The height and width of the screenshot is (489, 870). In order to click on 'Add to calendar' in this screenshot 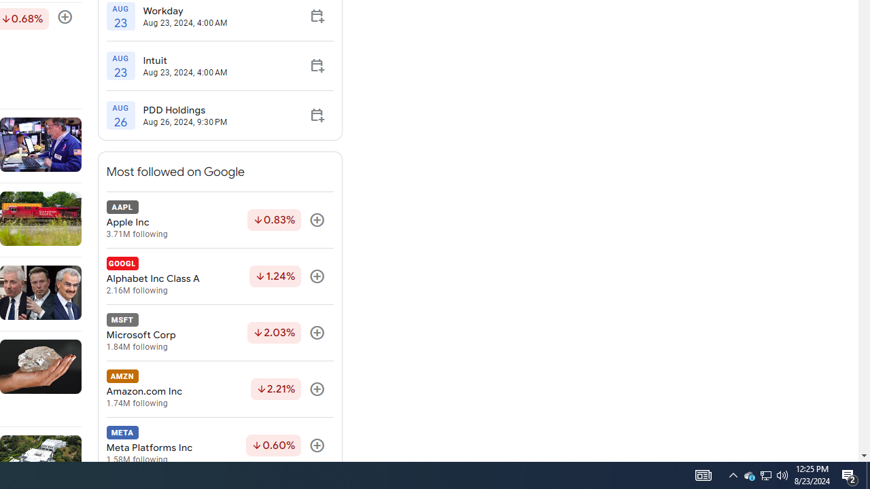, I will do `click(316, 114)`.